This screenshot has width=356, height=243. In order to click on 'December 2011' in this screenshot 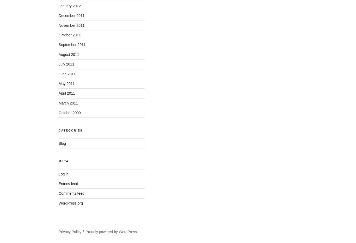, I will do `click(71, 16)`.